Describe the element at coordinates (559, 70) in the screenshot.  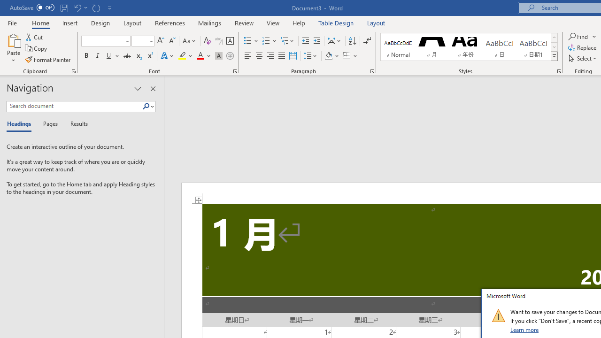
I see `'Styles...'` at that location.